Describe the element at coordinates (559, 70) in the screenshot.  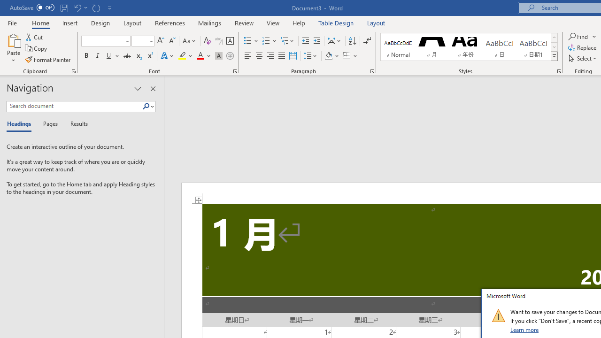
I see `'Styles...'` at that location.